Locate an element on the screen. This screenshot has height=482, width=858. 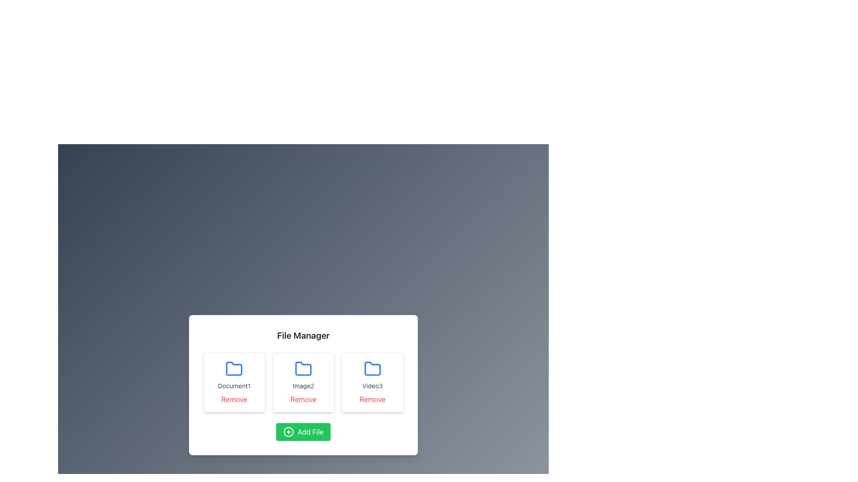
the 'Image2' card is located at coordinates (303, 382).